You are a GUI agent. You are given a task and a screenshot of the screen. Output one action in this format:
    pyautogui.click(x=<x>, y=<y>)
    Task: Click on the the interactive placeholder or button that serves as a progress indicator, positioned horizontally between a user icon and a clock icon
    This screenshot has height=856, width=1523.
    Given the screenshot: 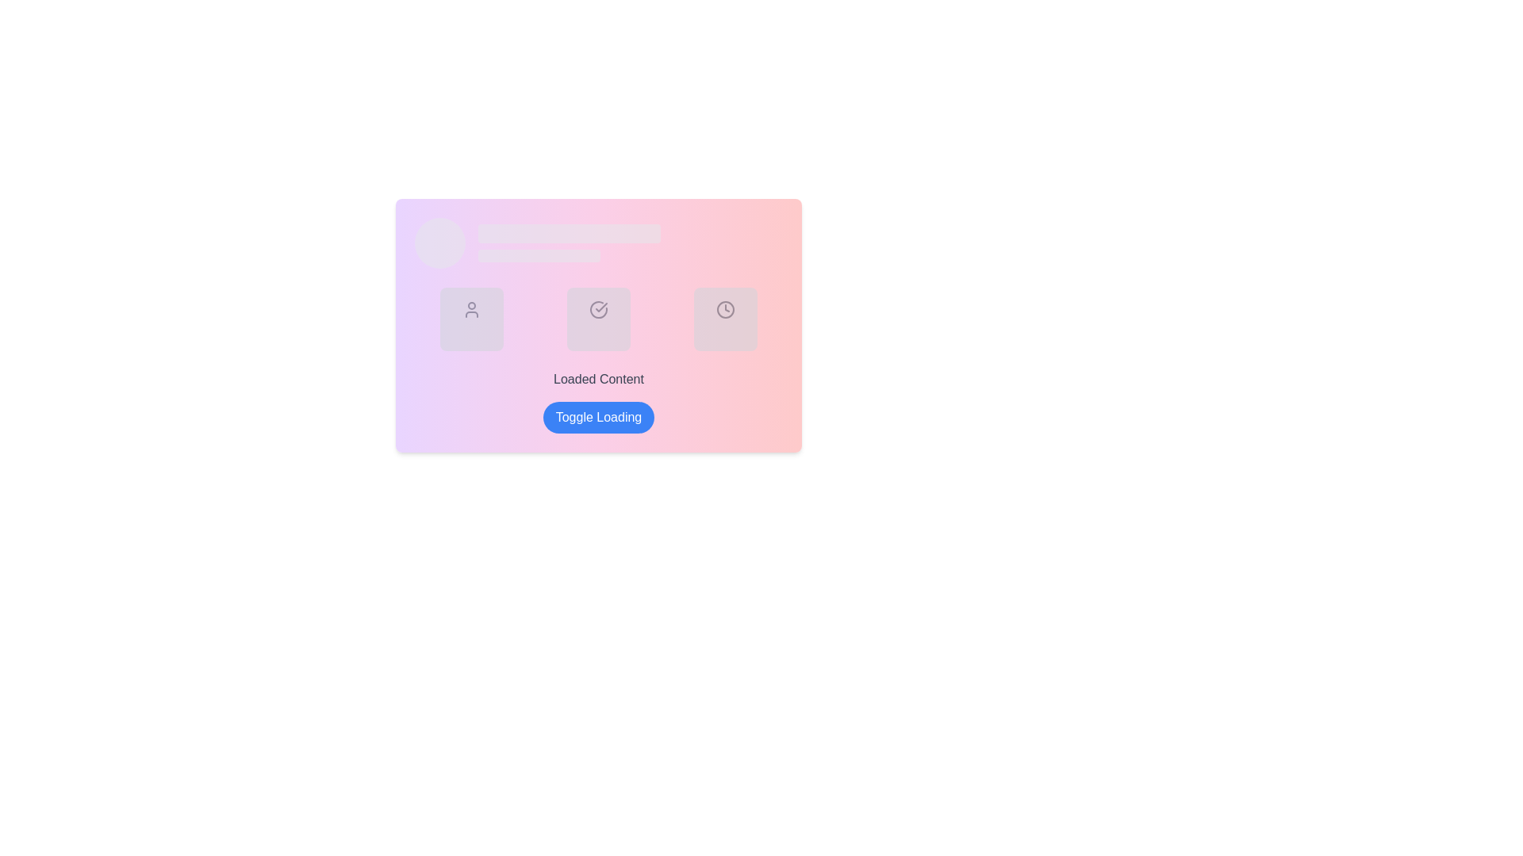 What is the action you would take?
    pyautogui.click(x=597, y=319)
    